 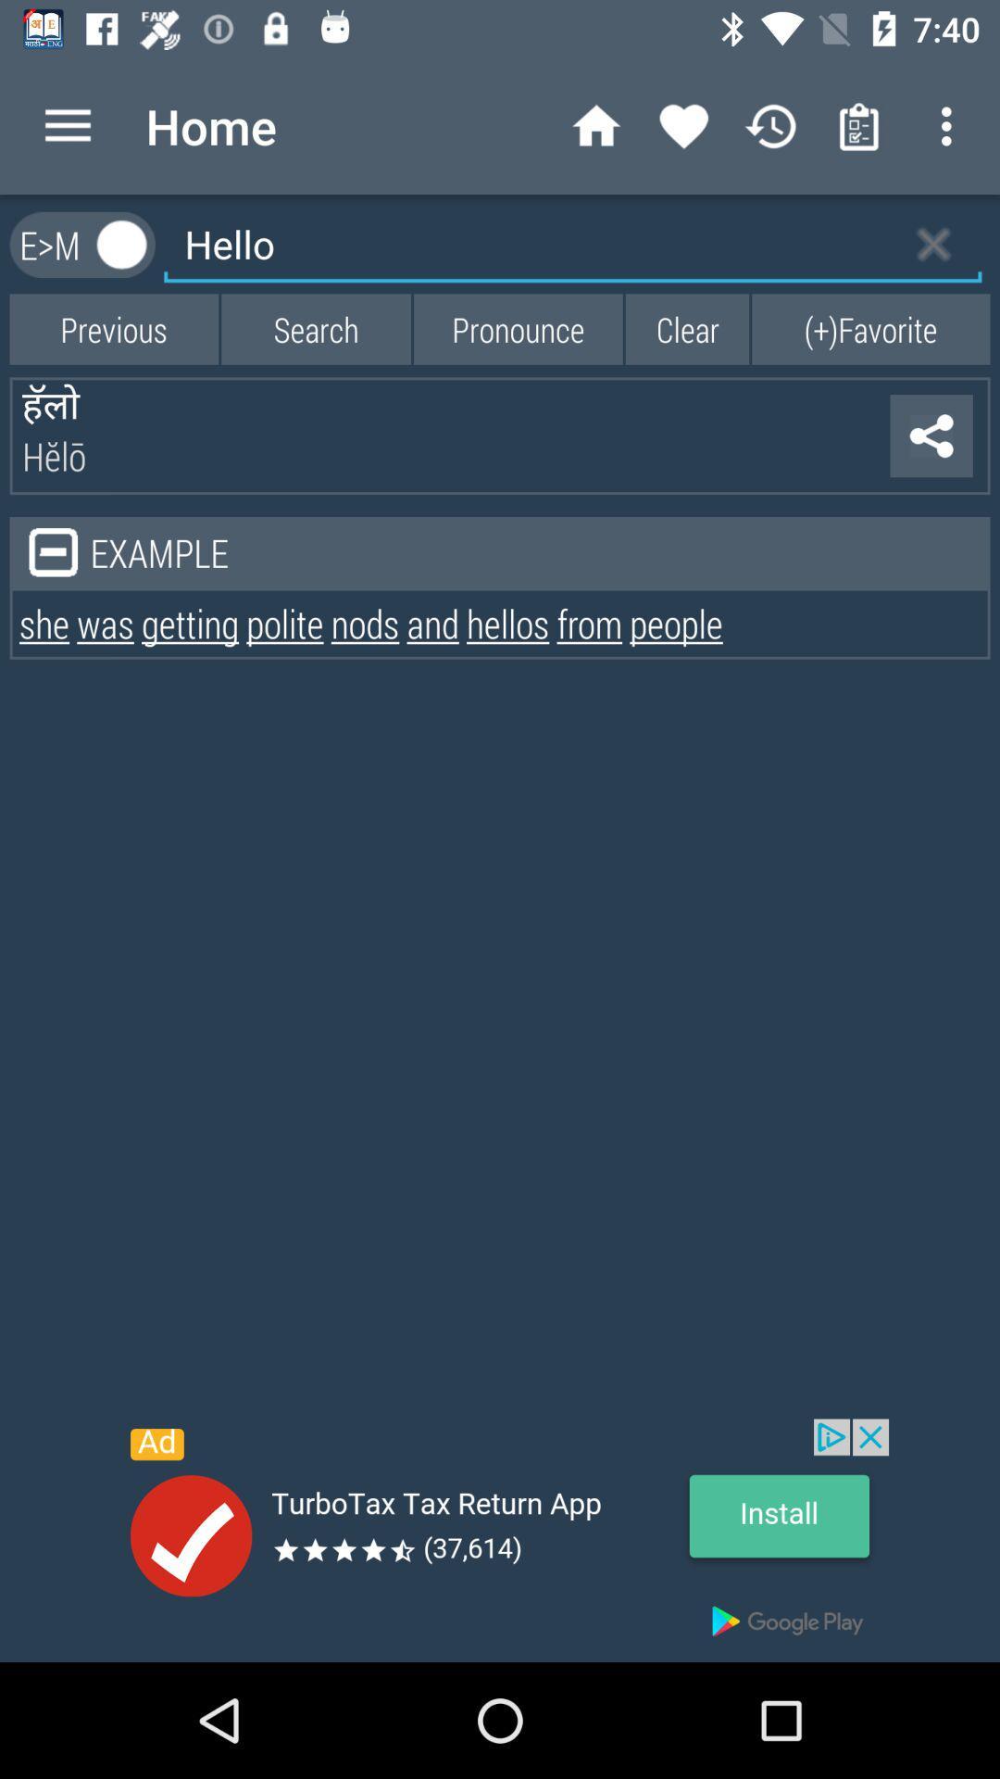 I want to click on app advertisement, so click(x=500, y=1540).